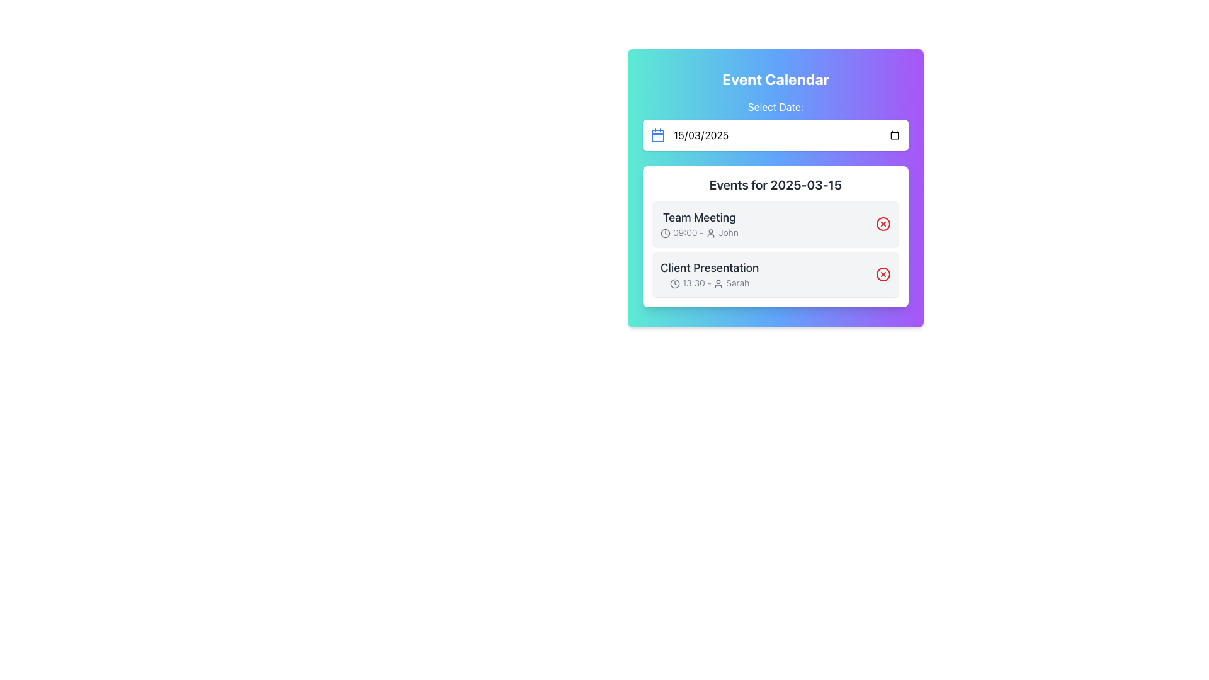 The height and width of the screenshot is (680, 1209). Describe the element at coordinates (882, 223) in the screenshot. I see `the delete button/icon on the right side of the 'Team Meeting' event entry for '2025-03-15'` at that location.